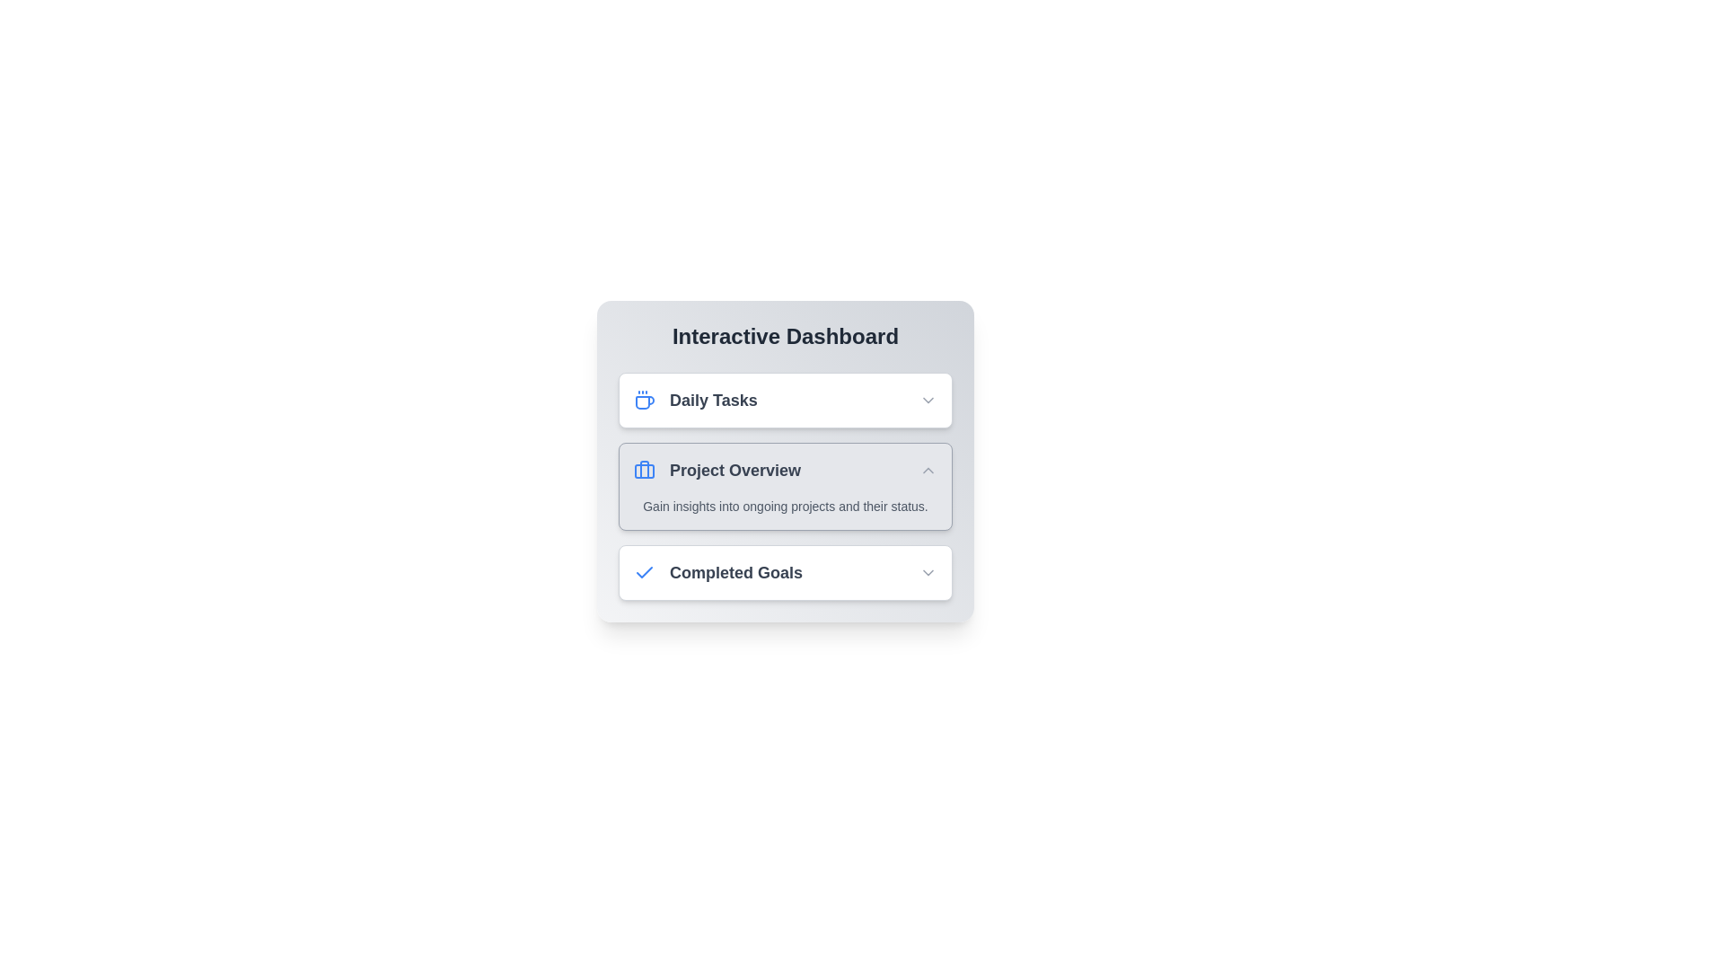 Image resolution: width=1724 pixels, height=970 pixels. What do you see at coordinates (645, 470) in the screenshot?
I see `the icon associated with Project Overview` at bounding box center [645, 470].